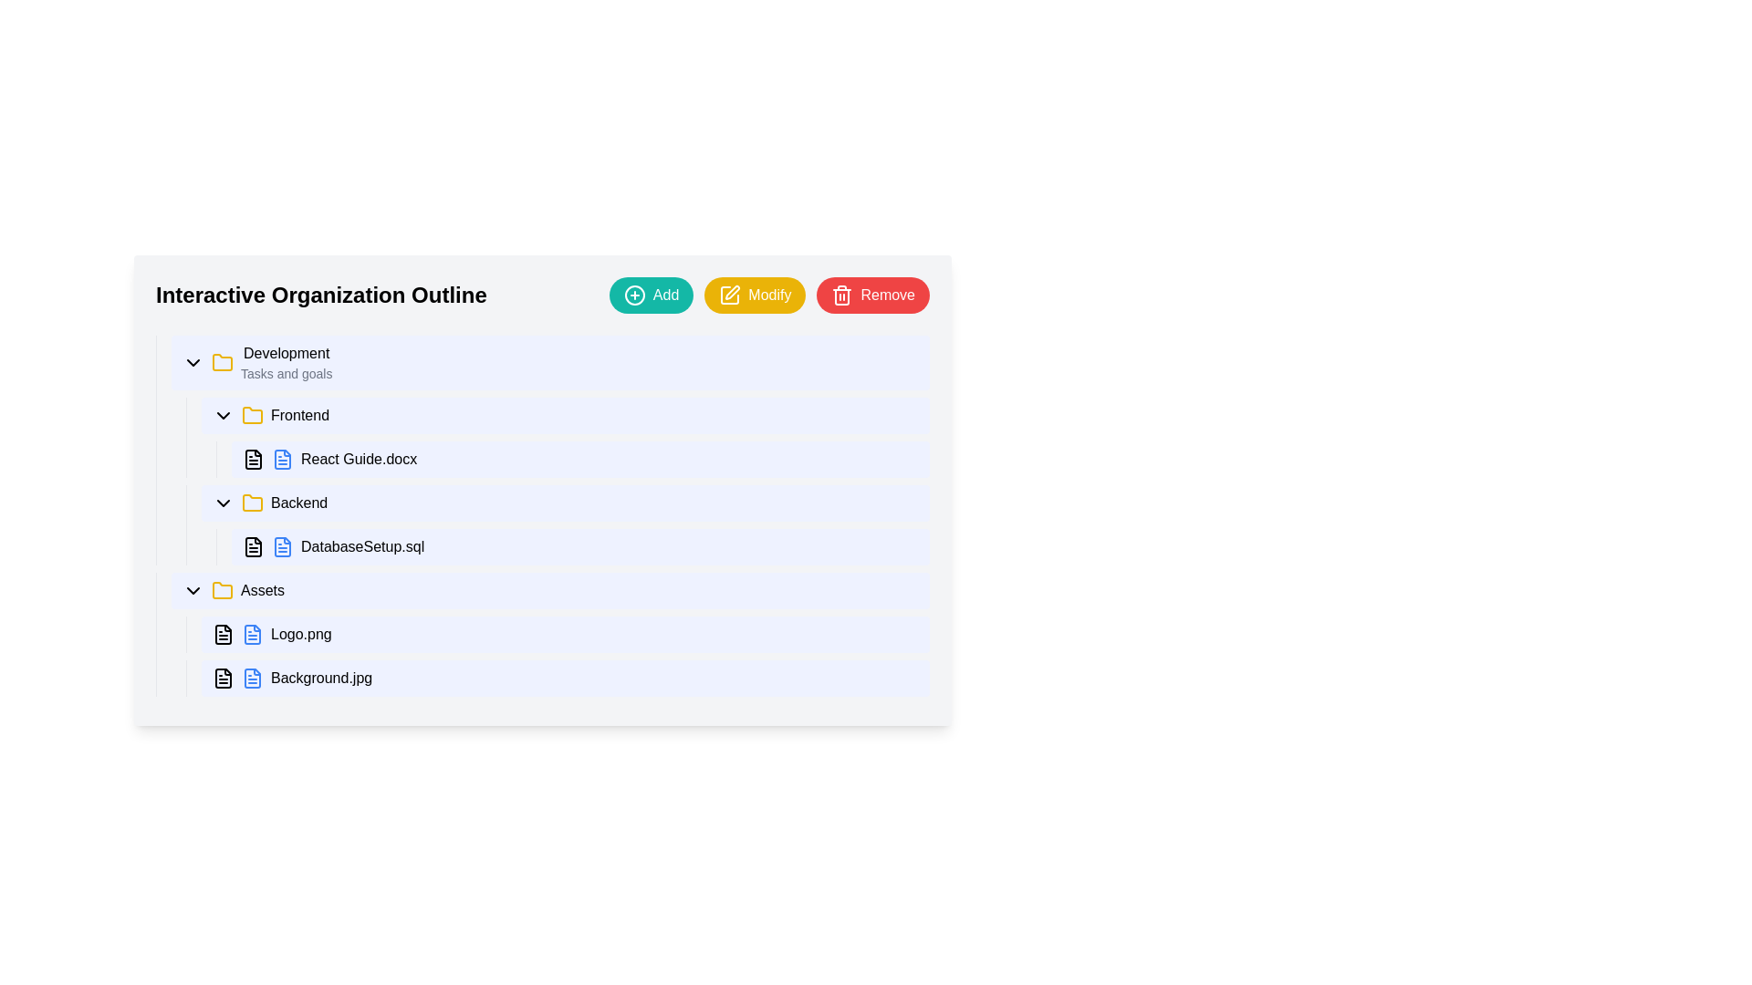  I want to click on the file icon resembling a document, which is located to the left of the text 'DatabaseSetup.sql' in the 'Backend' section under the 'Development' category, so click(253, 546).